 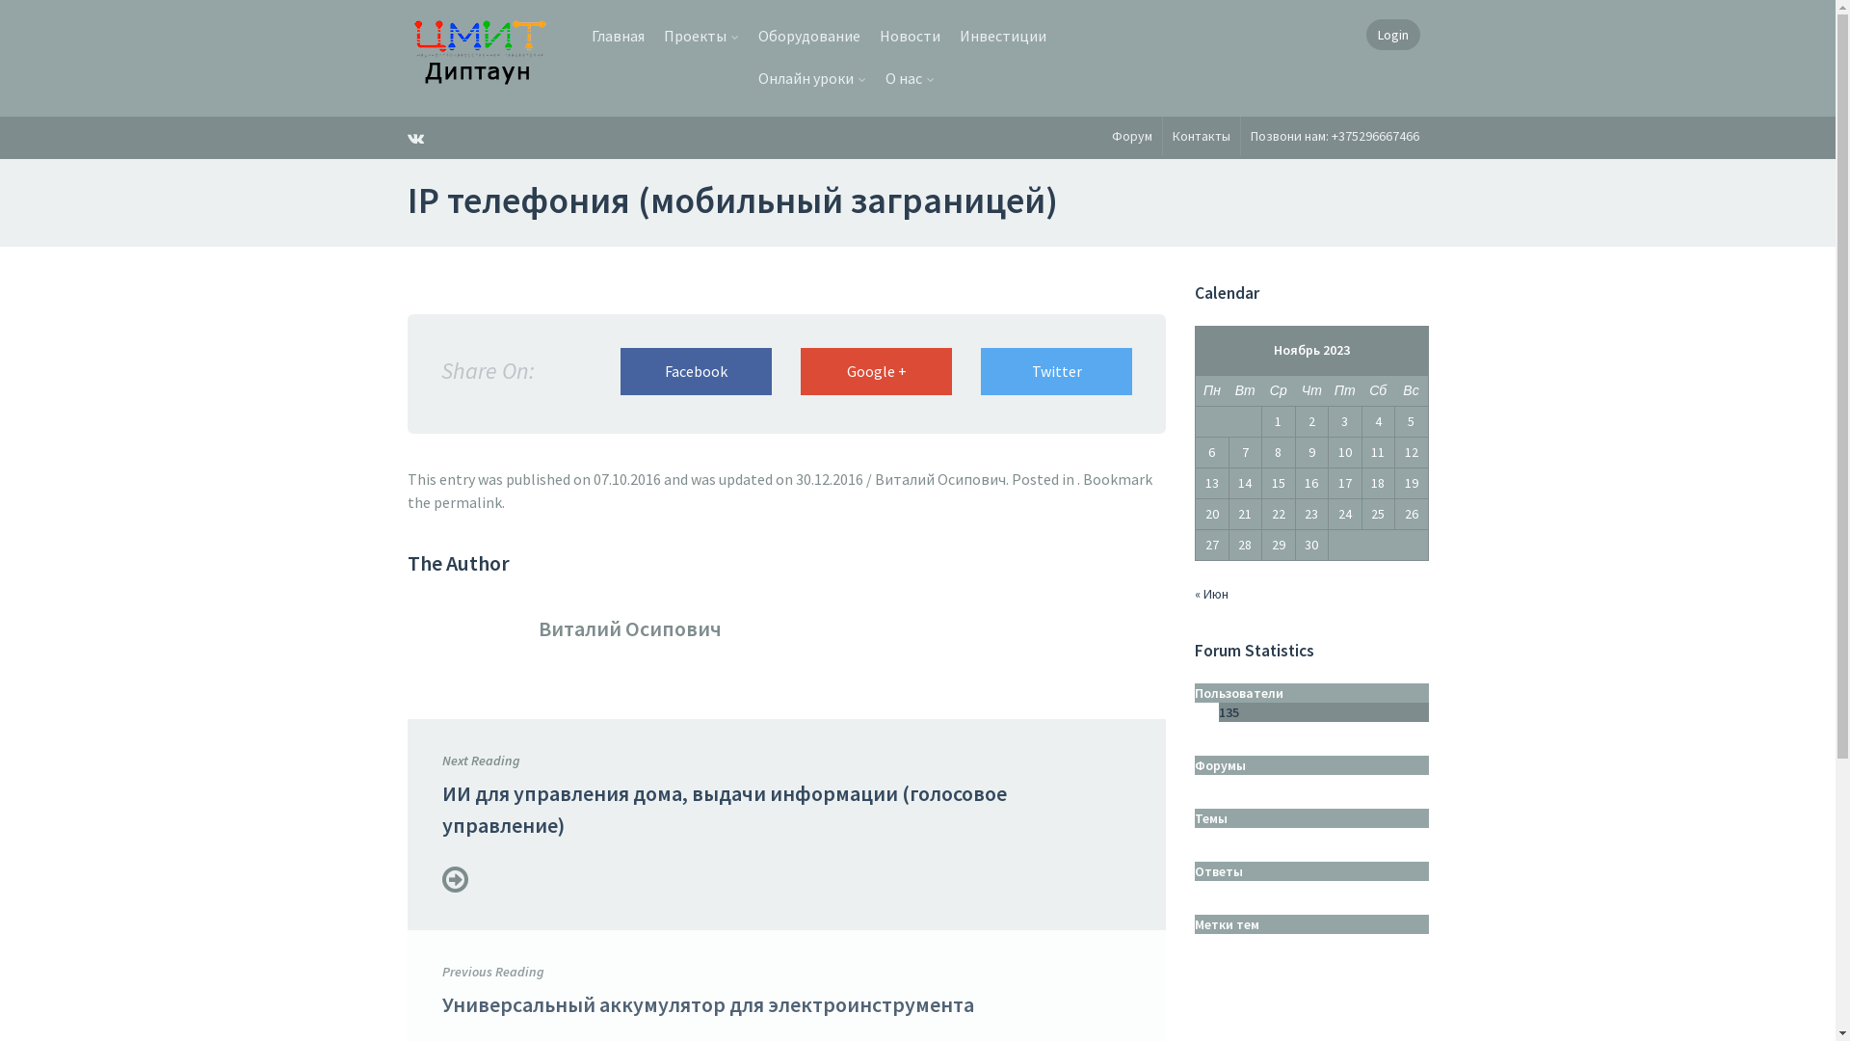 What do you see at coordinates (695, 371) in the screenshot?
I see `'Facebook'` at bounding box center [695, 371].